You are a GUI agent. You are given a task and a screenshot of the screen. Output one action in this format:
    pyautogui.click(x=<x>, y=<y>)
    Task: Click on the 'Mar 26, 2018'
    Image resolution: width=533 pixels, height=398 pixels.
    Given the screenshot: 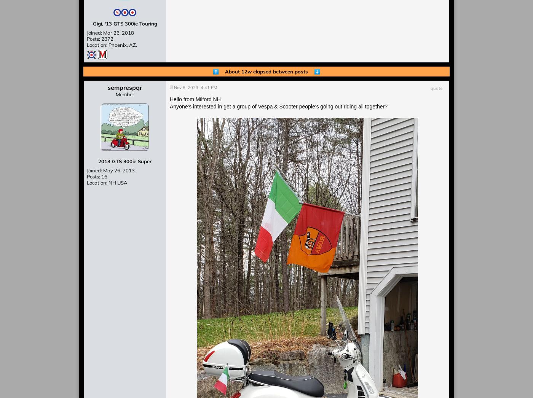 What is the action you would take?
    pyautogui.click(x=118, y=32)
    